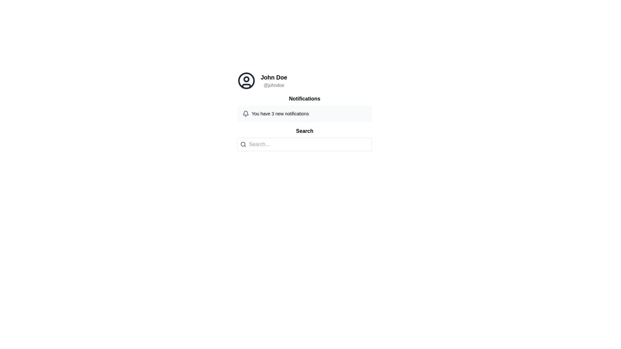 The image size is (621, 349). What do you see at coordinates (274, 85) in the screenshot?
I see `the text label displaying the username '@johndoe', which is styled in gray color and located directly below the 'John Doe' text` at bounding box center [274, 85].